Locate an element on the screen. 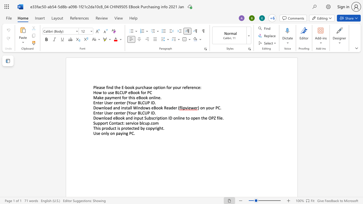 The width and height of the screenshot is (363, 204). the 3th character "t" in the text is located at coordinates (187, 118).